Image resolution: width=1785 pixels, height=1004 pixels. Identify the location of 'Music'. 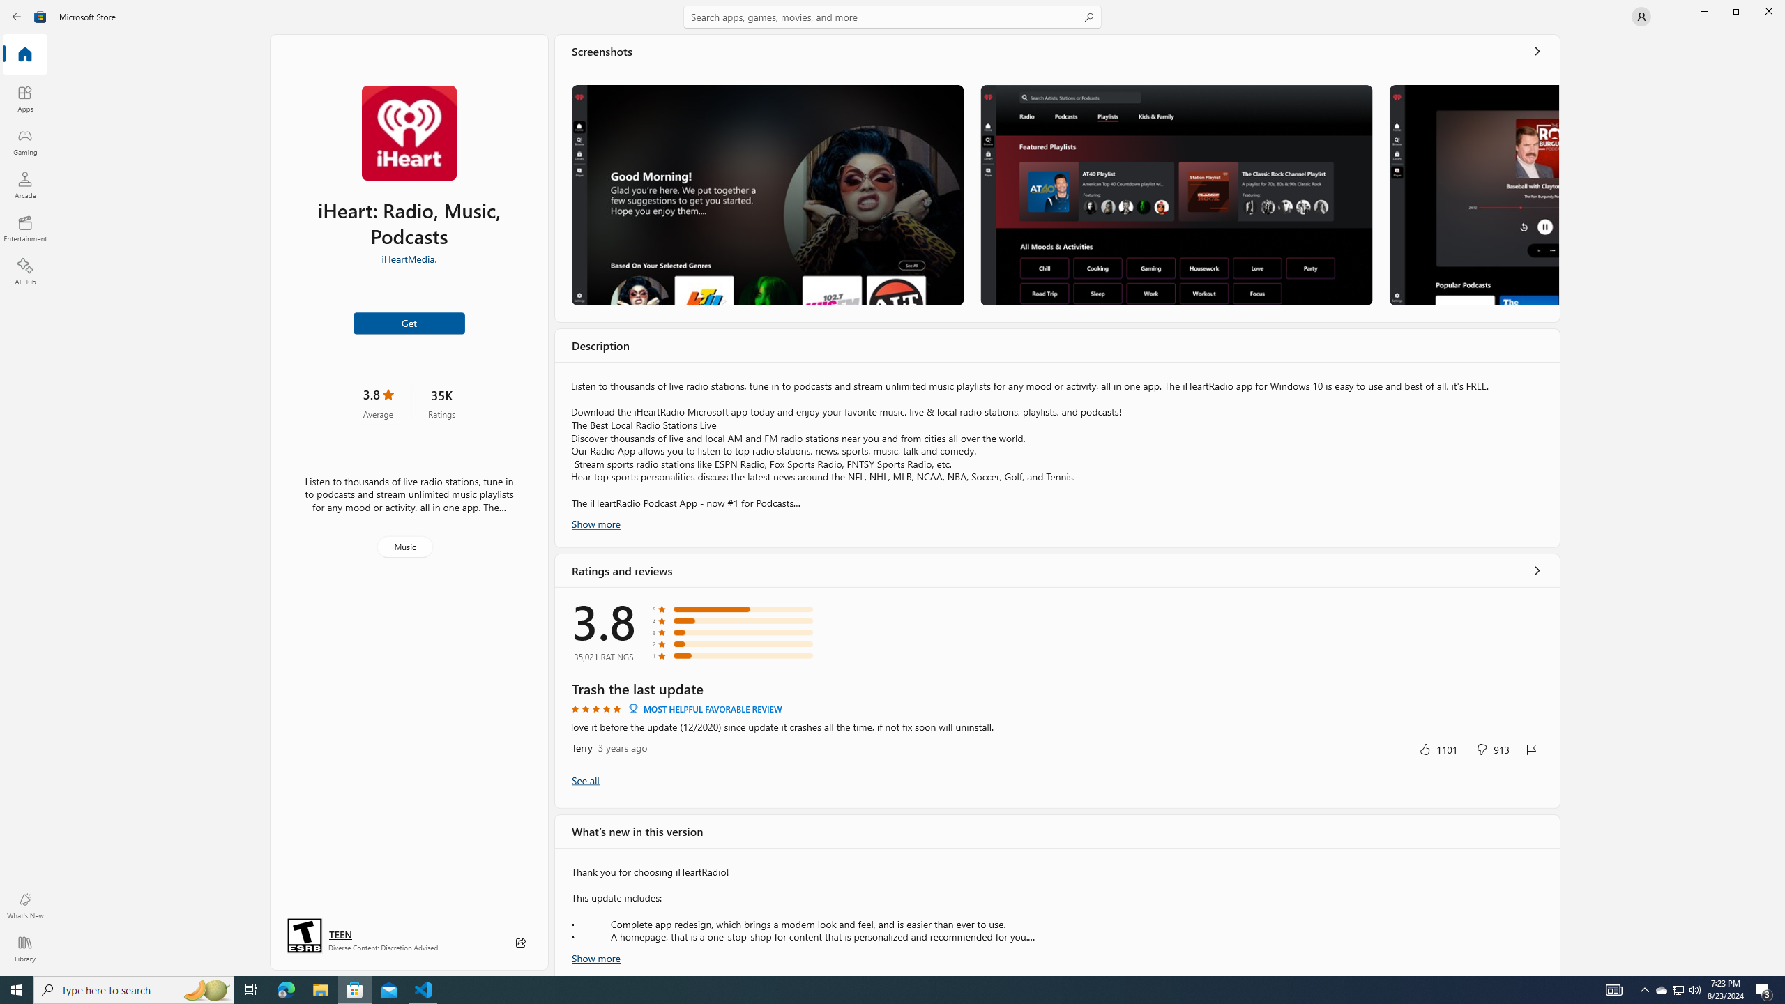
(404, 547).